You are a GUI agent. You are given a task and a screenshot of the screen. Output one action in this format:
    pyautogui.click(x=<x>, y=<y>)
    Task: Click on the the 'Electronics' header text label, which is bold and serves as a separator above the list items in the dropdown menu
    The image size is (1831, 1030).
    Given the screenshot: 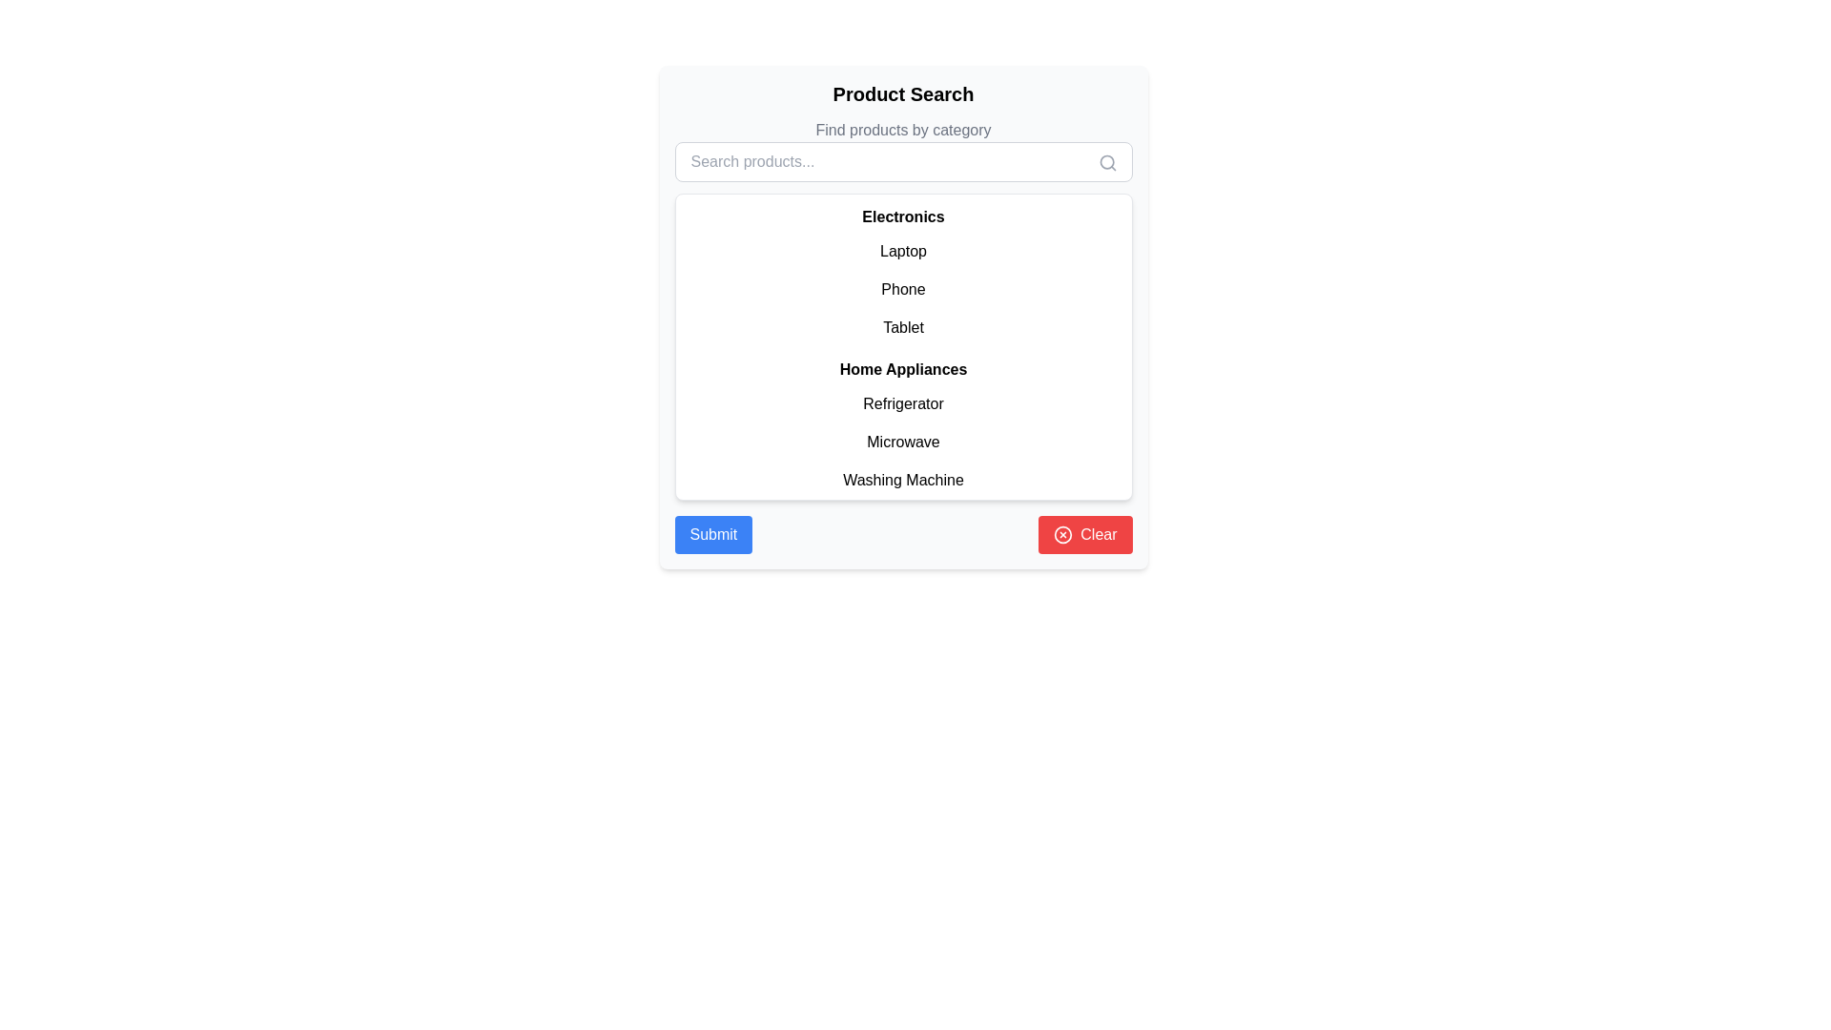 What is the action you would take?
    pyautogui.click(x=902, y=213)
    